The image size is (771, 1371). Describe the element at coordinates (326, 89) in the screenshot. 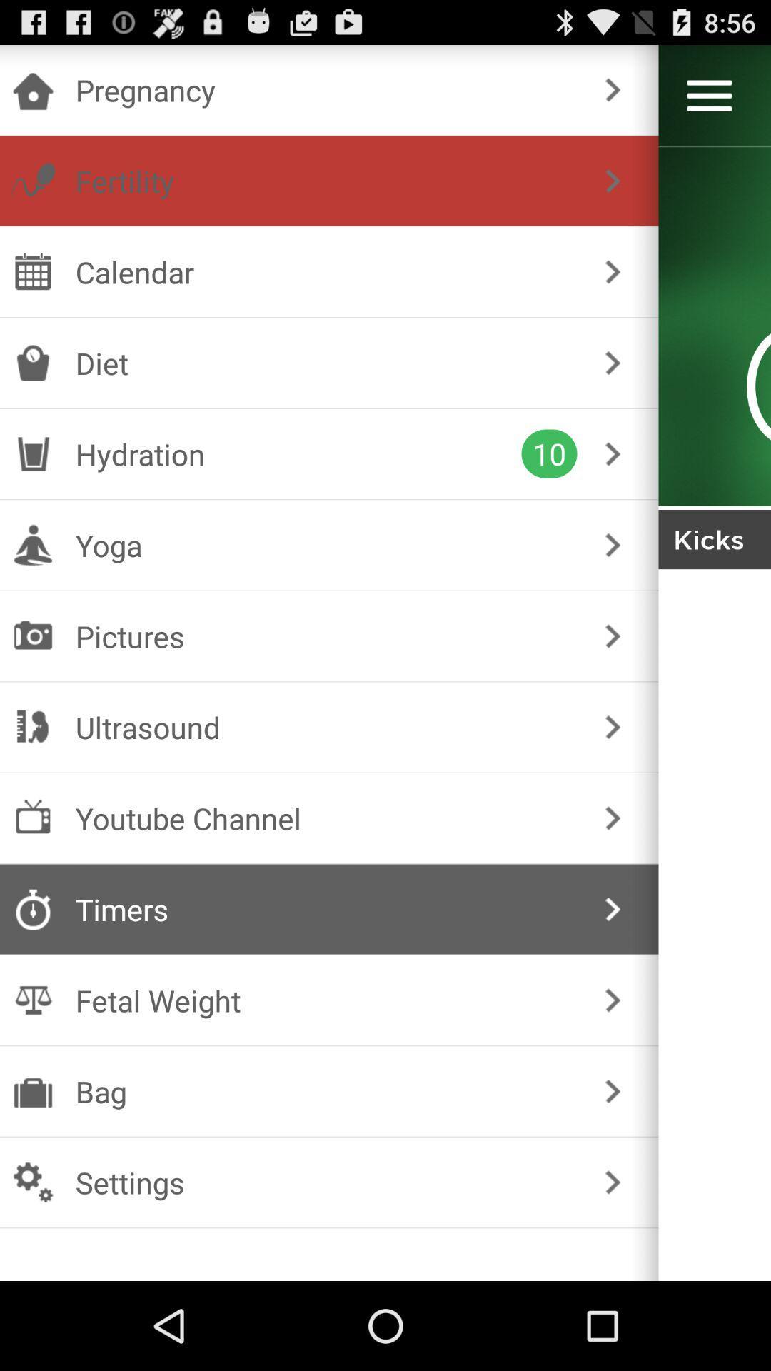

I see `the pregnancy item` at that location.